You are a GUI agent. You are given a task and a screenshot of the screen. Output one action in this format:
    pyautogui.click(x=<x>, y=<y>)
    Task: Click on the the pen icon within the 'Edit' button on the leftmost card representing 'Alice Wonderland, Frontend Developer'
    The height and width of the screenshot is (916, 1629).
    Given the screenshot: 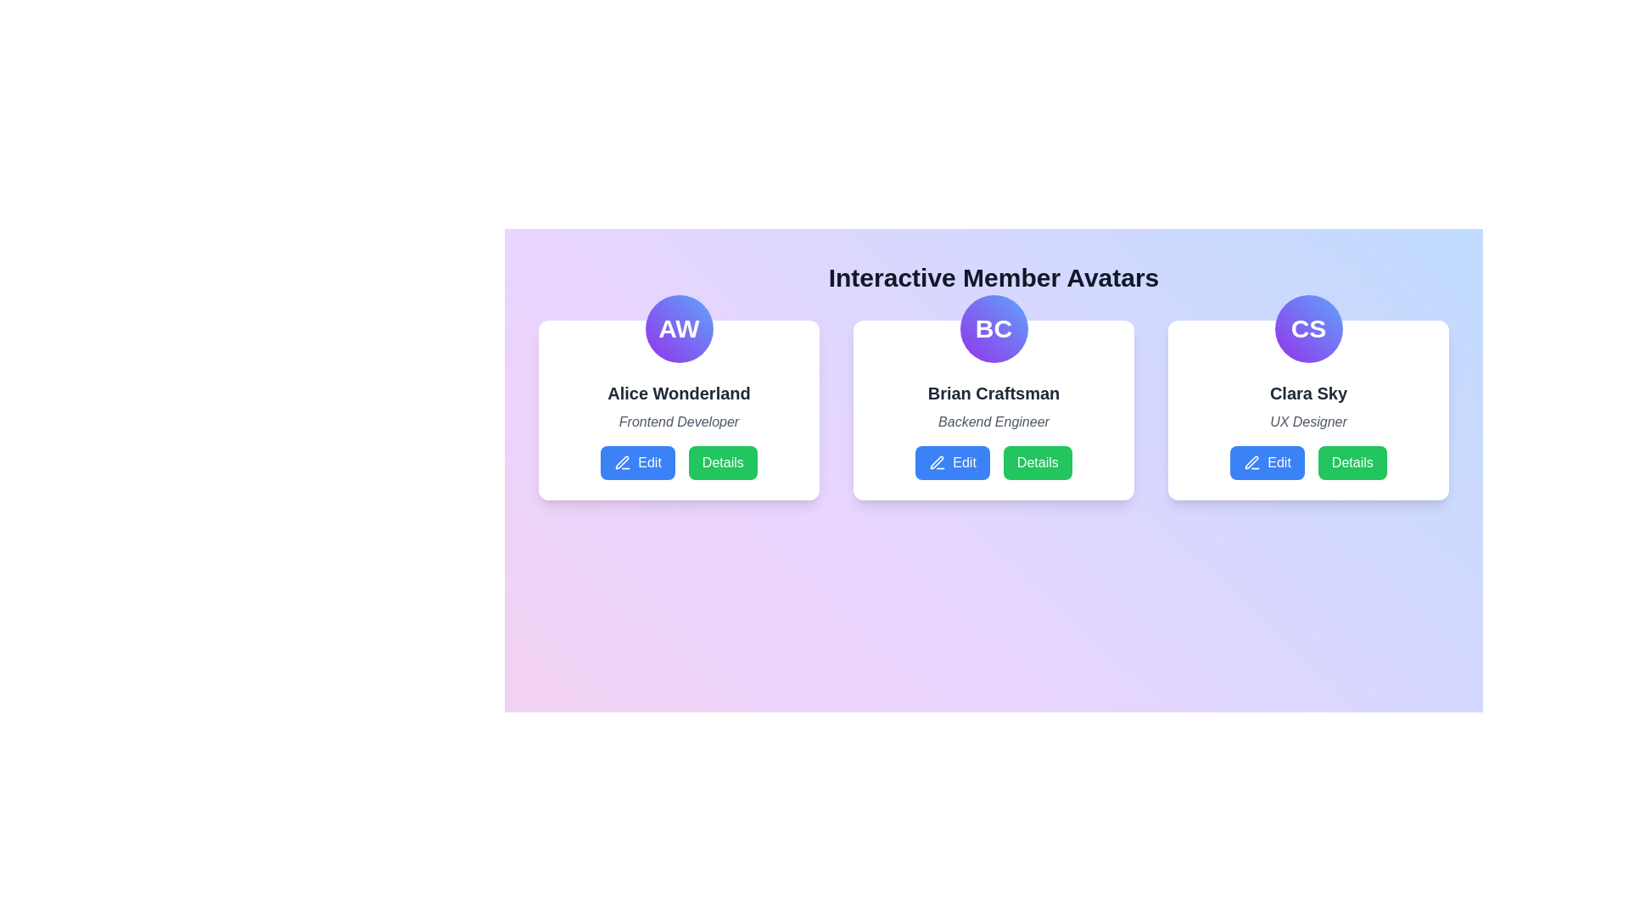 What is the action you would take?
    pyautogui.click(x=622, y=463)
    